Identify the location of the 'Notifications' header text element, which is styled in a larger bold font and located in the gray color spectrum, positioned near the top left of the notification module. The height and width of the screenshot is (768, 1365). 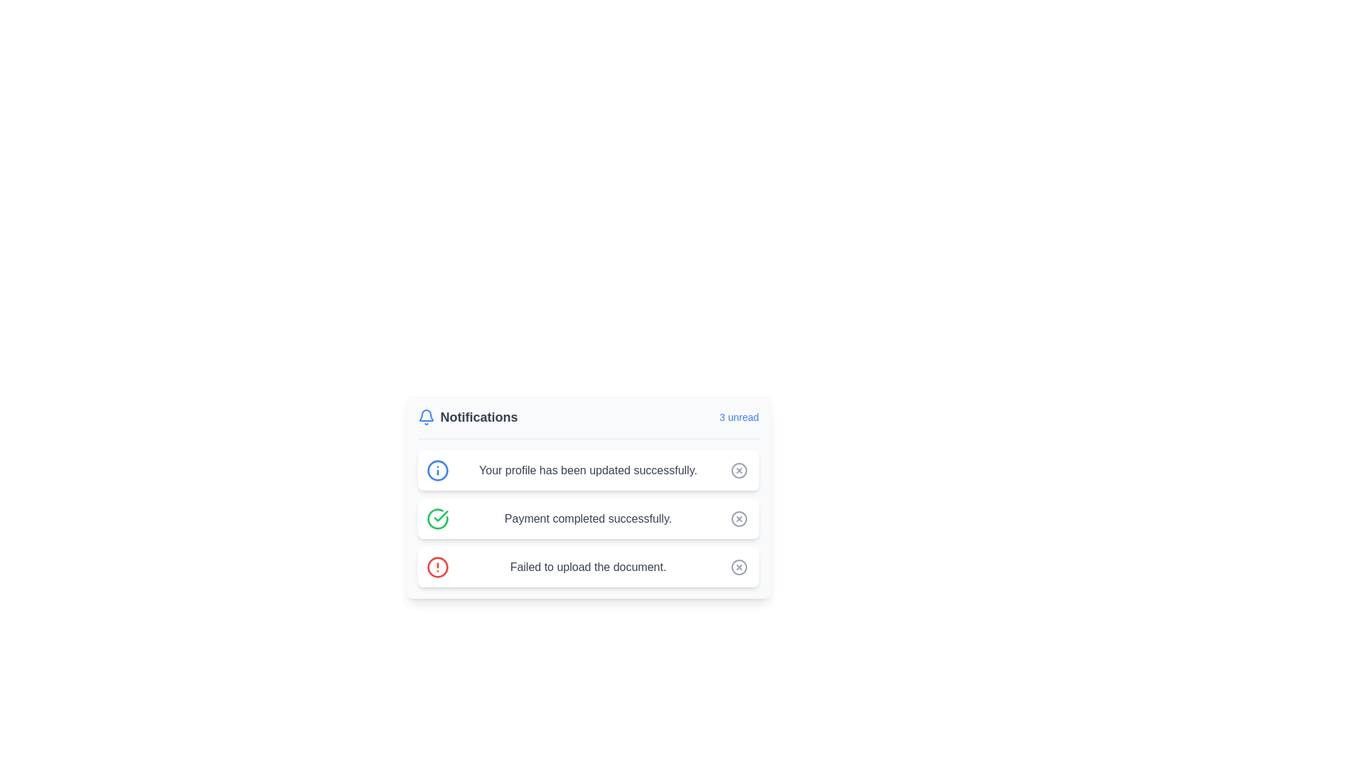
(478, 416).